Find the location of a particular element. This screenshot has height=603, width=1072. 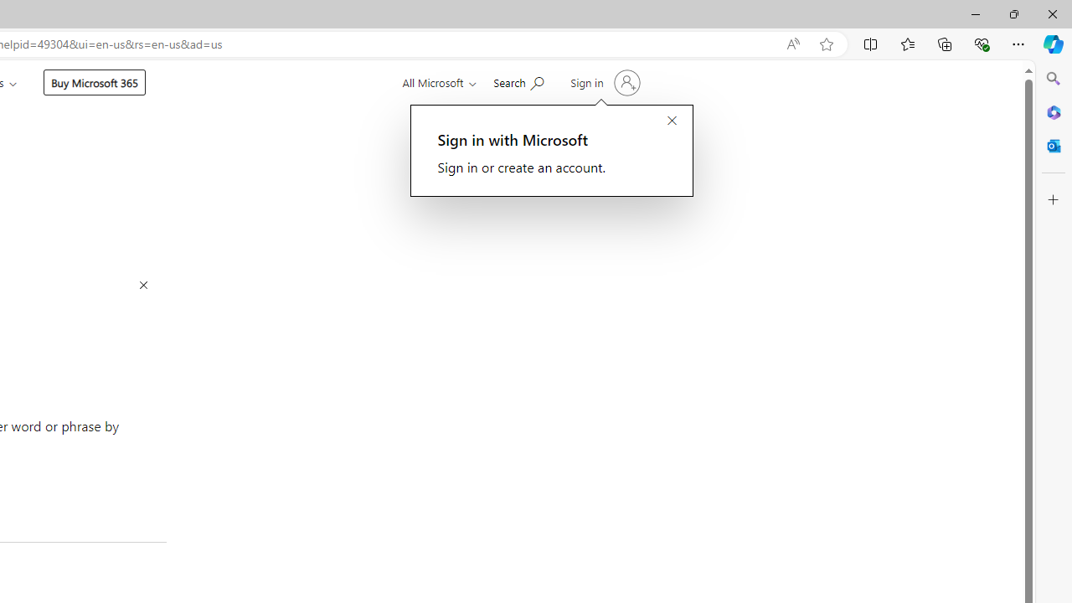

'Buy Microsoft 365' is located at coordinates (94, 82).